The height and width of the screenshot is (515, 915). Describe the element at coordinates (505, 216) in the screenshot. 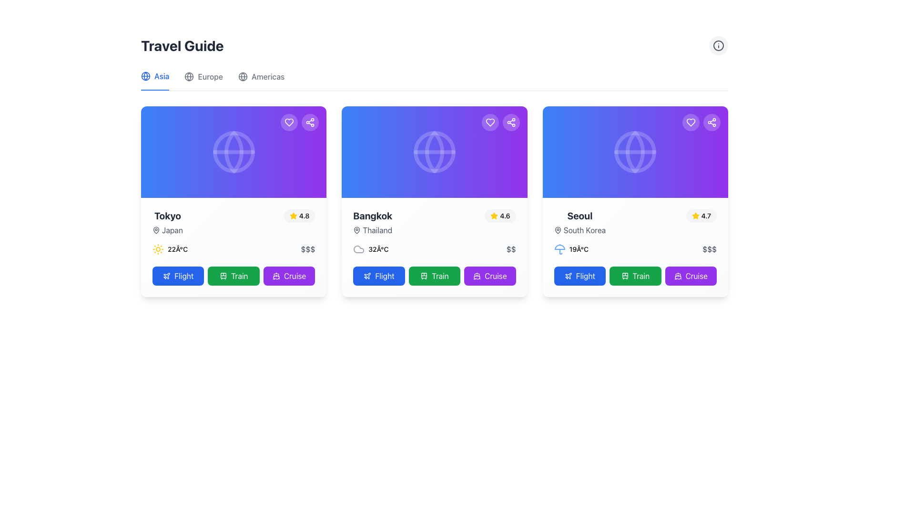

I see `the textual rating display for the Bangkok travel destination, located at the top-right corner of the second card in a list of three travel destination cards` at that location.